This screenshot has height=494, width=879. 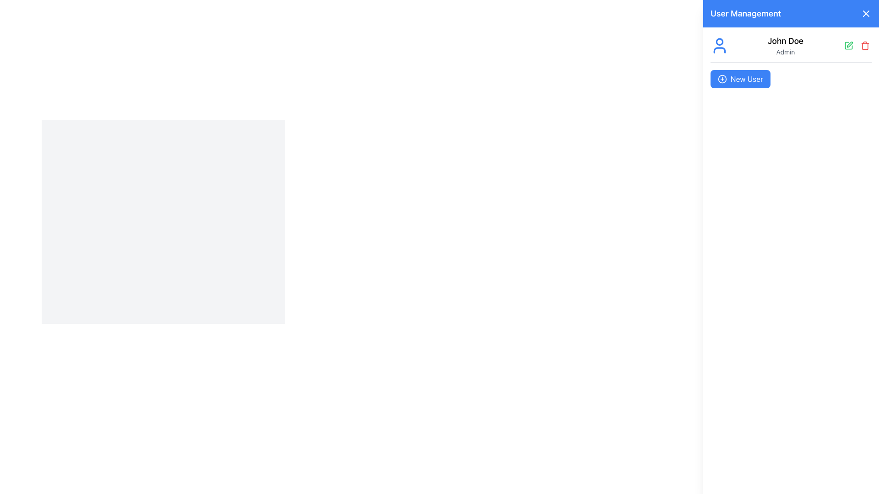 What do you see at coordinates (785, 52) in the screenshot?
I see `the text label indicating the role 'Admin' associated with the user 'John Doe' in the 'User Management' section` at bounding box center [785, 52].